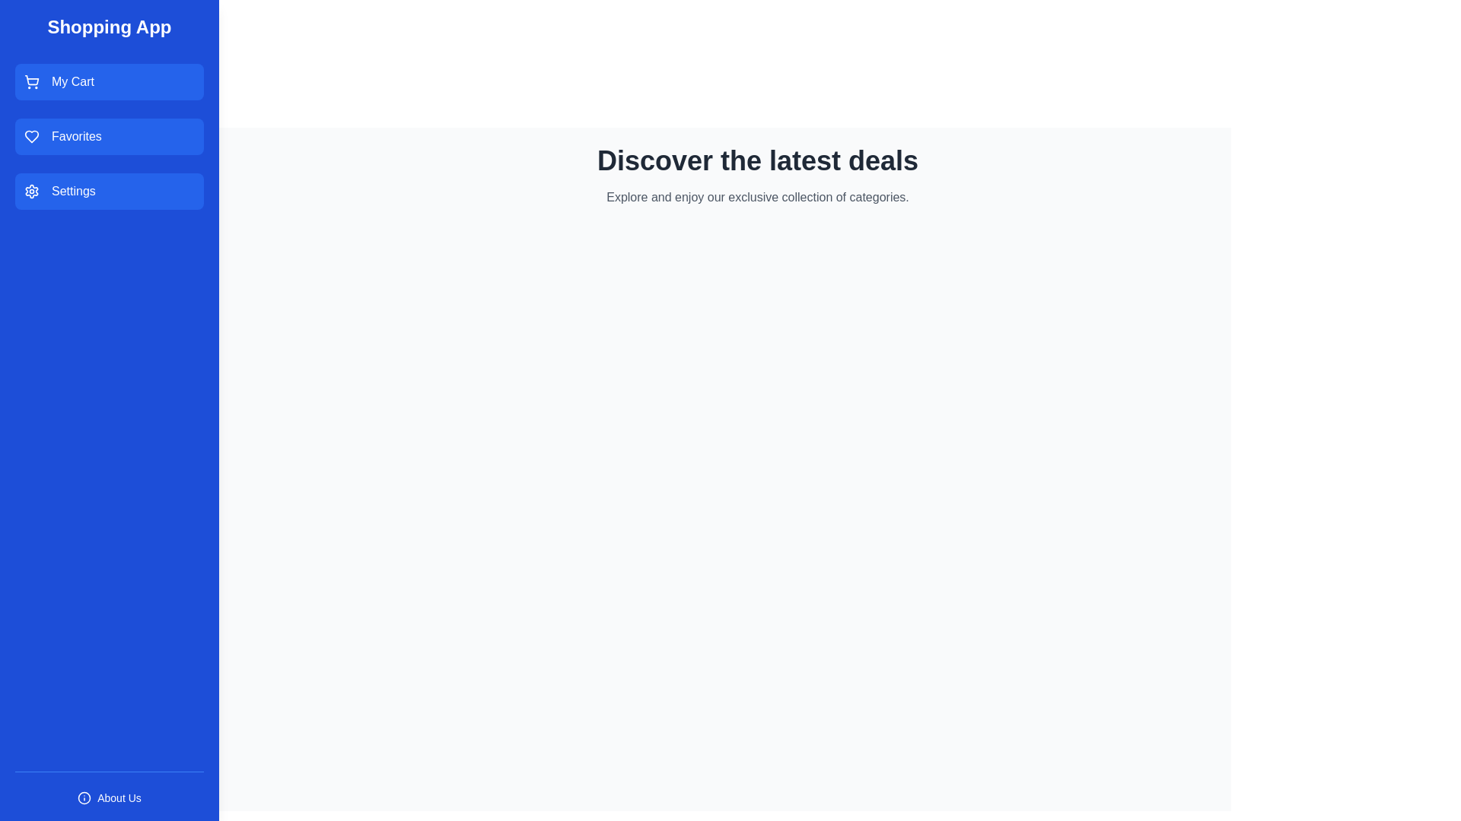  What do you see at coordinates (109, 190) in the screenshot?
I see `the 'Settings' button in the drawer to navigate to the settings page` at bounding box center [109, 190].